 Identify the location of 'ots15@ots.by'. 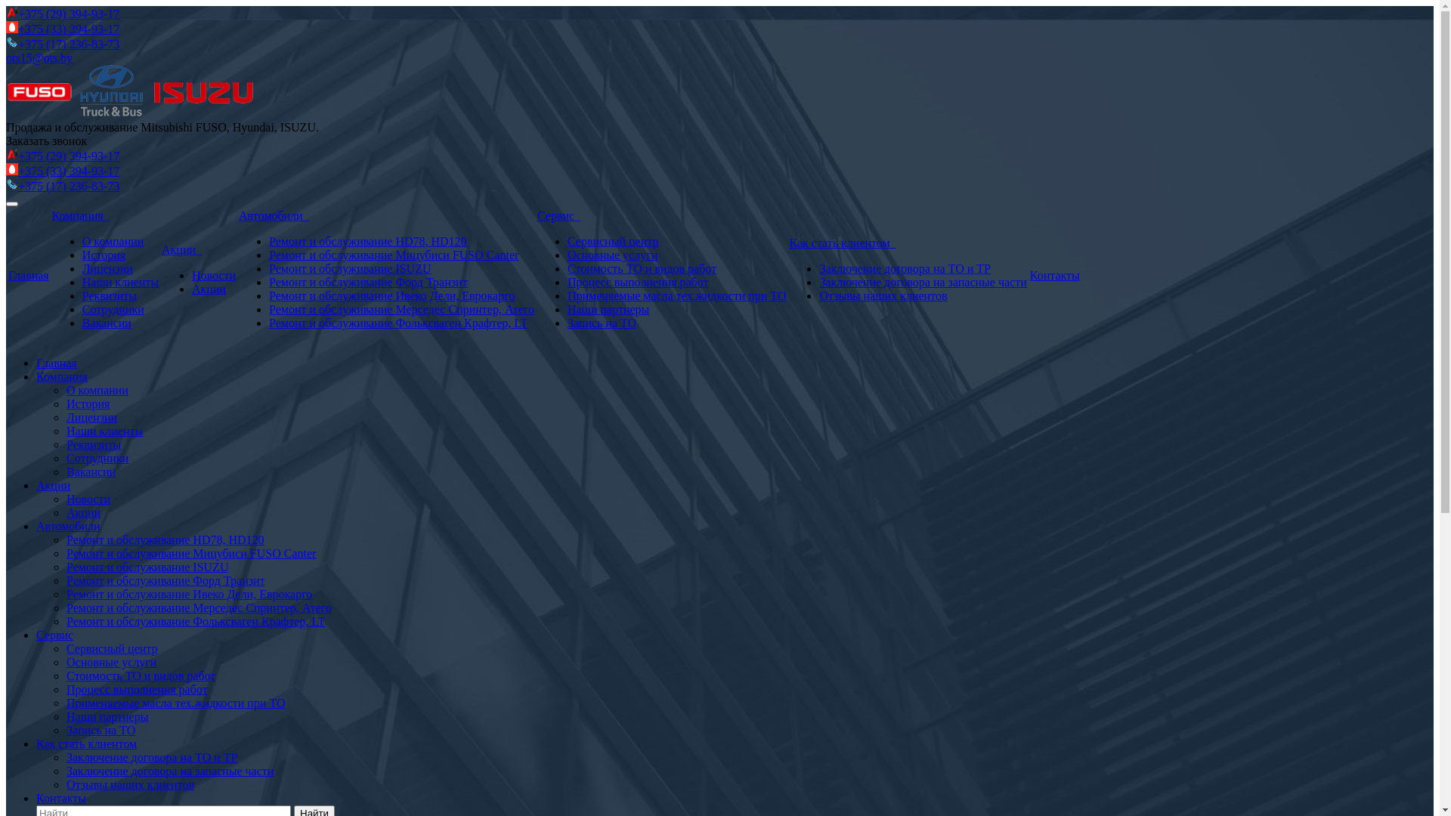
(39, 57).